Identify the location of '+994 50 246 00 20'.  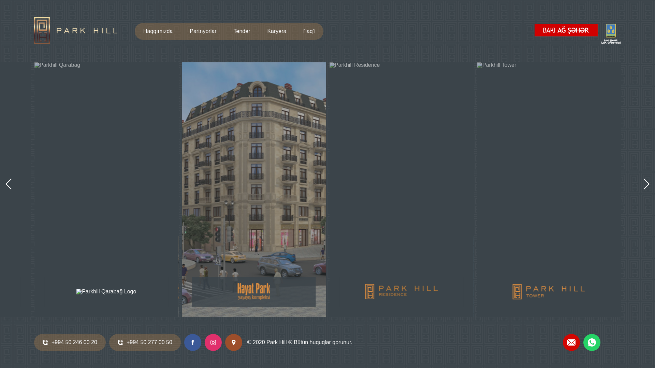
(70, 342).